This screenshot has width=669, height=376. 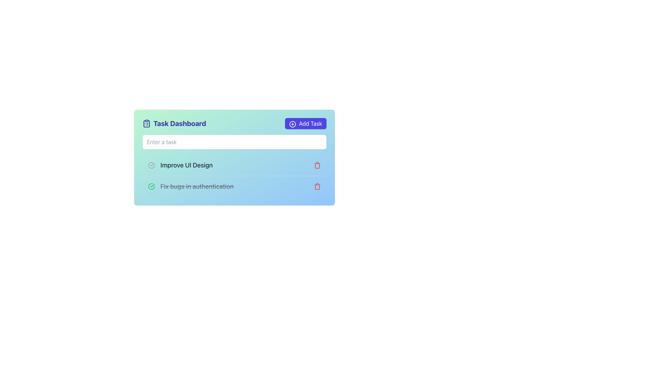 What do you see at coordinates (306, 123) in the screenshot?
I see `the 'Add Task' button with a purple background and white text located at the top-right side of the 'Task Dashboard' section` at bounding box center [306, 123].